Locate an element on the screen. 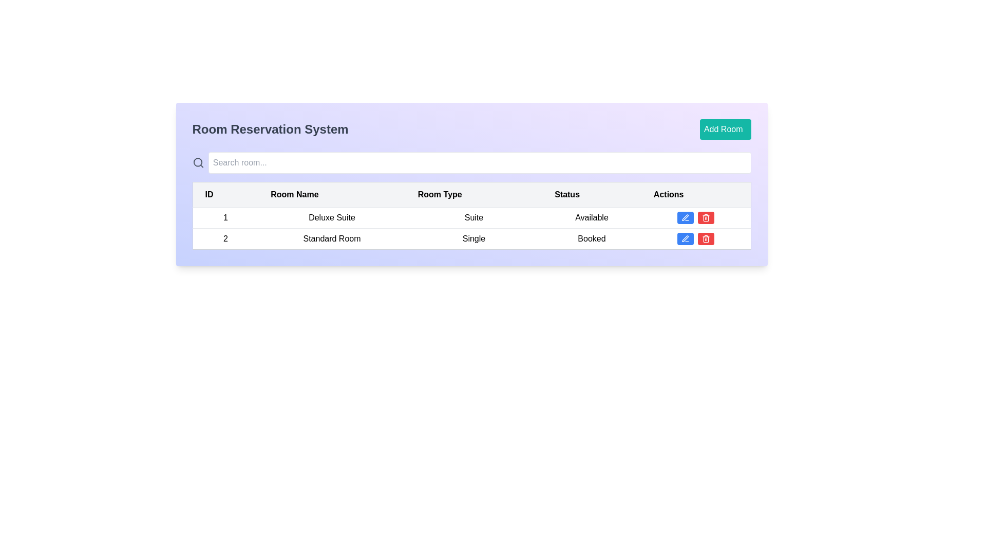  the edit button located in the 'Actions' column of the table for the 'Deluxe Suite' entry is located at coordinates (686, 217).